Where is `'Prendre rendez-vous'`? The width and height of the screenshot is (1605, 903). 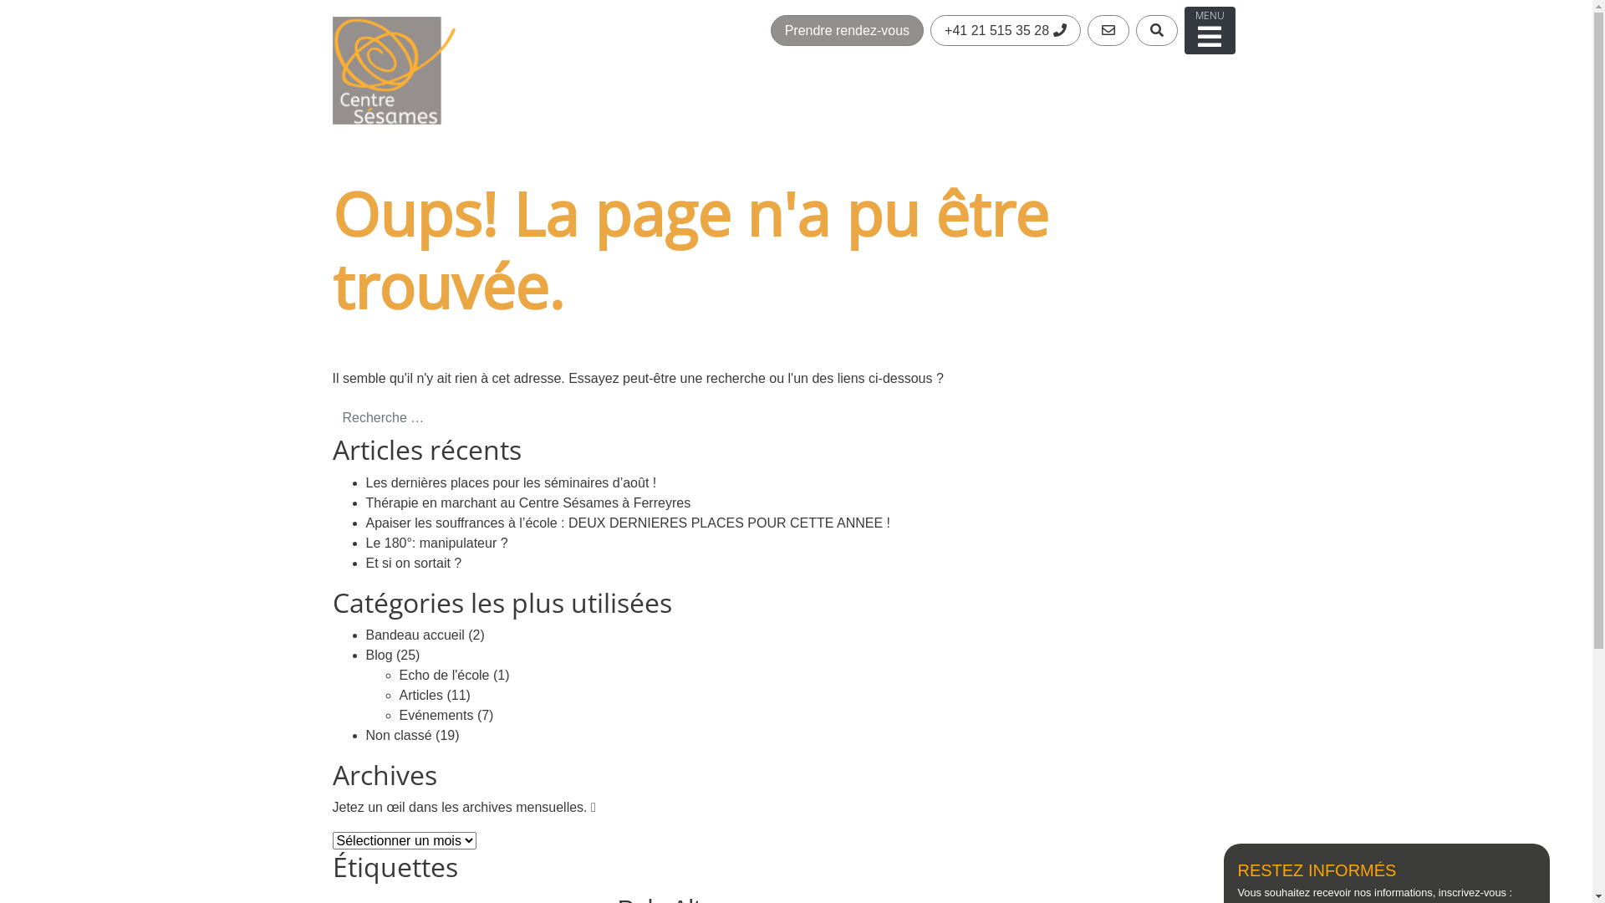
'Prendre rendez-vous' is located at coordinates (847, 30).